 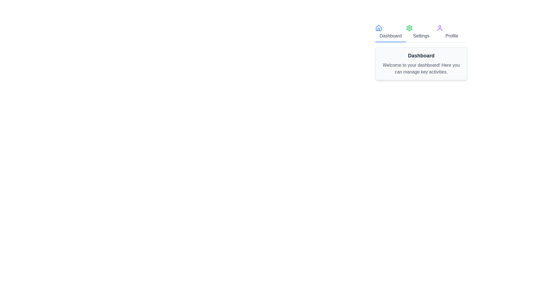 I want to click on the tab labeled Dashboard, so click(x=390, y=32).